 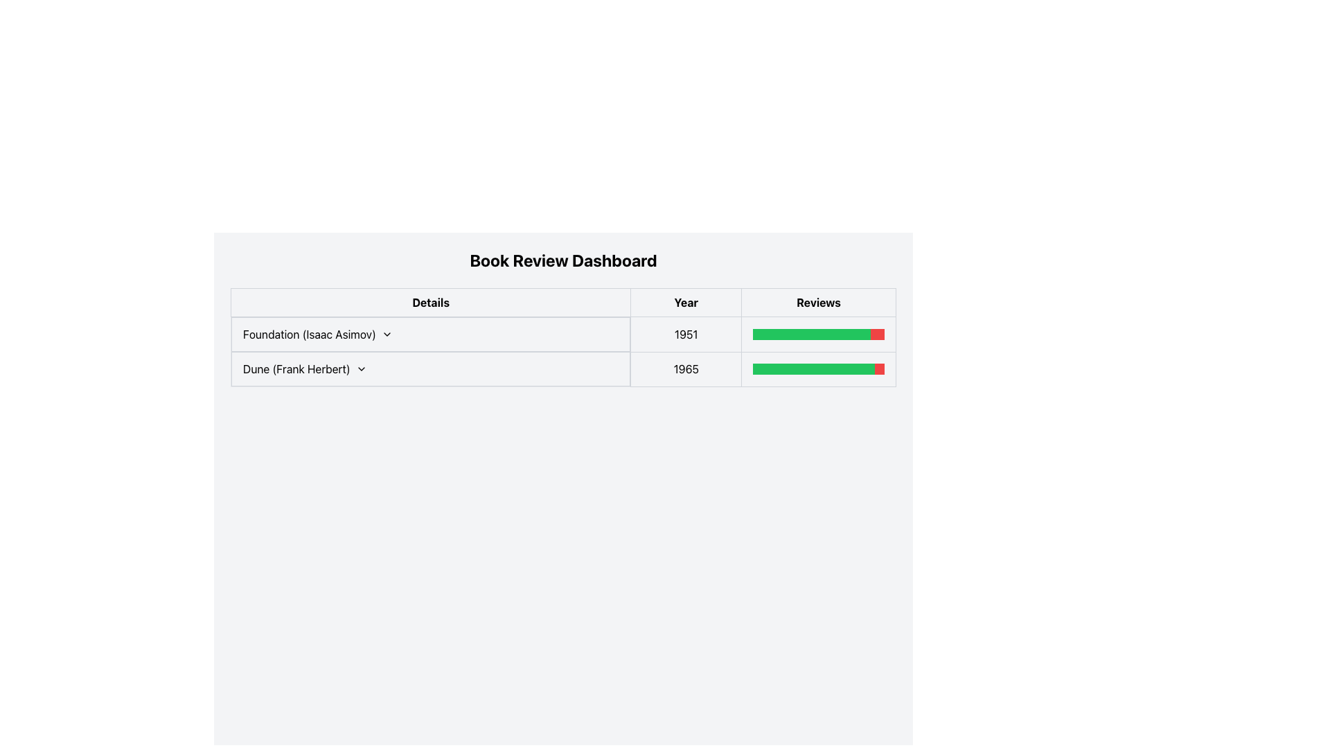 I want to click on the green segment of the progress bar that represents the review score for the book 'Foundation (Isaac Asimov)', so click(x=812, y=334).